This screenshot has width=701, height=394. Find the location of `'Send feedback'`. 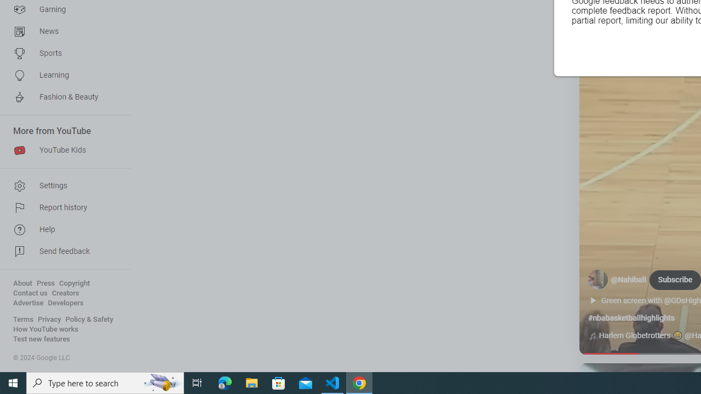

'Send feedback' is located at coordinates (61, 252).